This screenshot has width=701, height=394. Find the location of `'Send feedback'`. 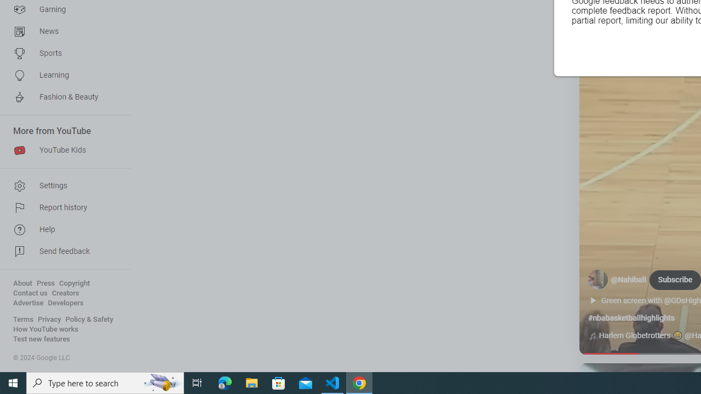

'Send feedback' is located at coordinates (61, 252).